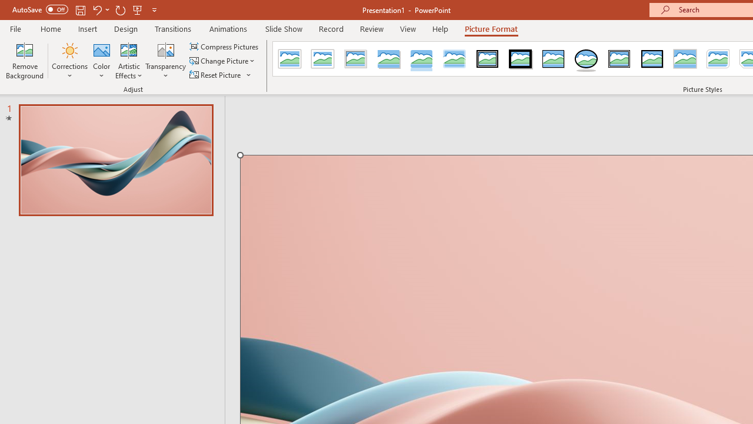  Describe the element at coordinates (85, 9) in the screenshot. I see `'Quick Access Toolbar'` at that location.